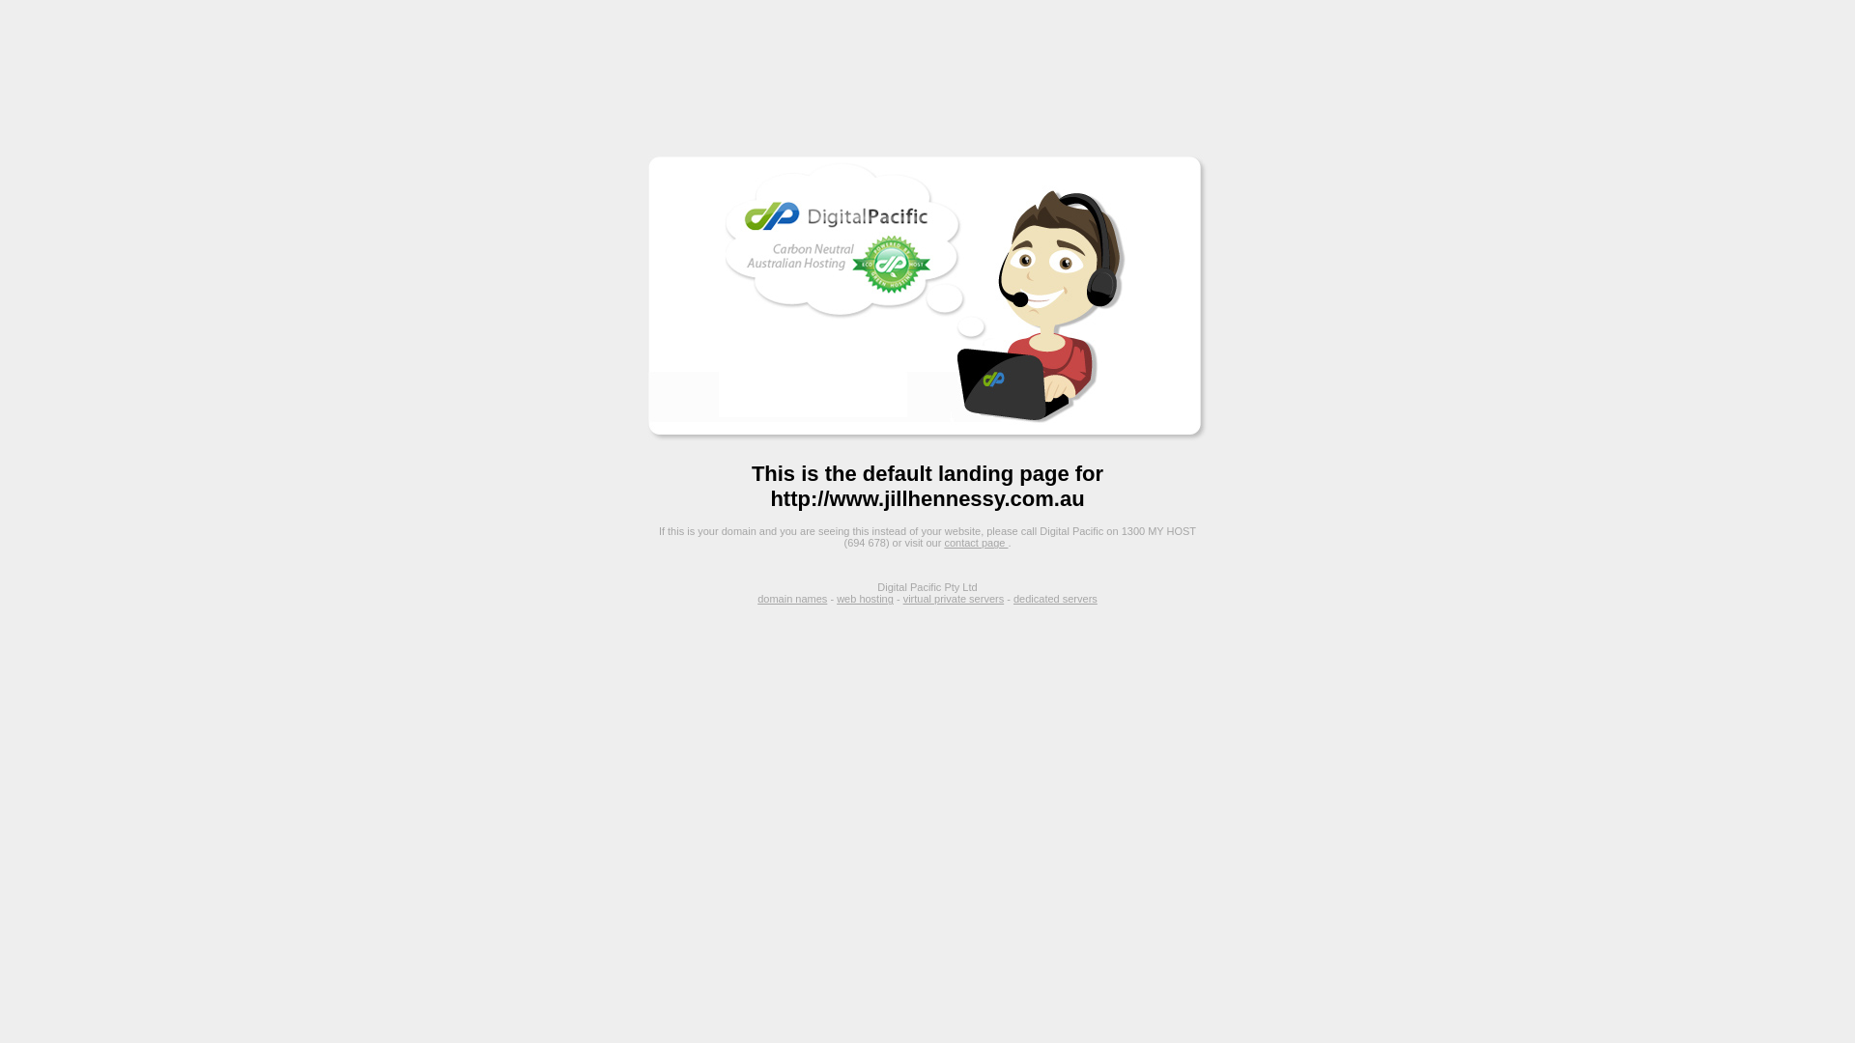  Describe the element at coordinates (1013, 598) in the screenshot. I see `'dedicated servers'` at that location.